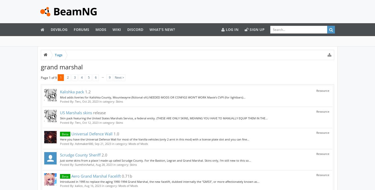 The width and height of the screenshot is (375, 190). Describe the element at coordinates (121, 176) in the screenshot. I see `'0.71b'` at that location.